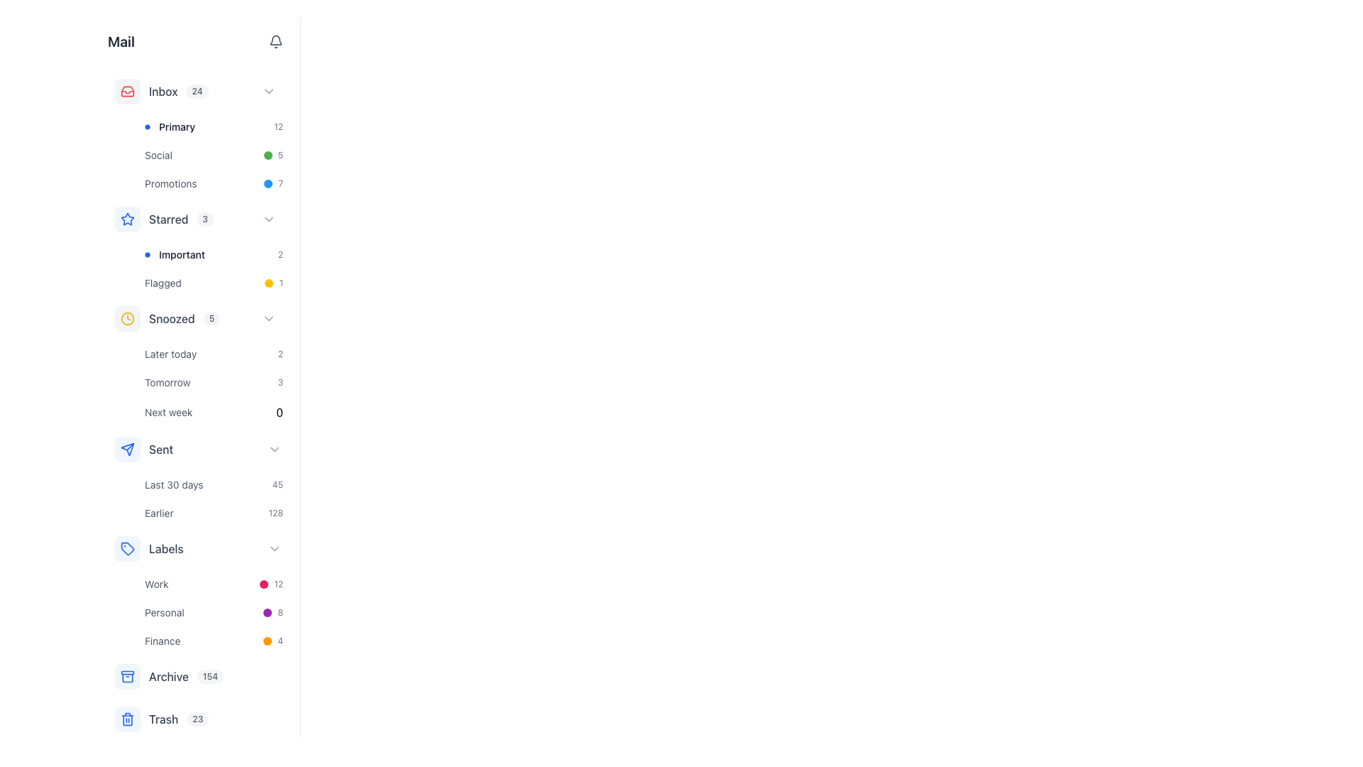 This screenshot has height=767, width=1363. What do you see at coordinates (213, 484) in the screenshot?
I see `the 'Last 30 days' button located in the left panel, below the 'Sent' section and above the 'Earlier' section` at bounding box center [213, 484].